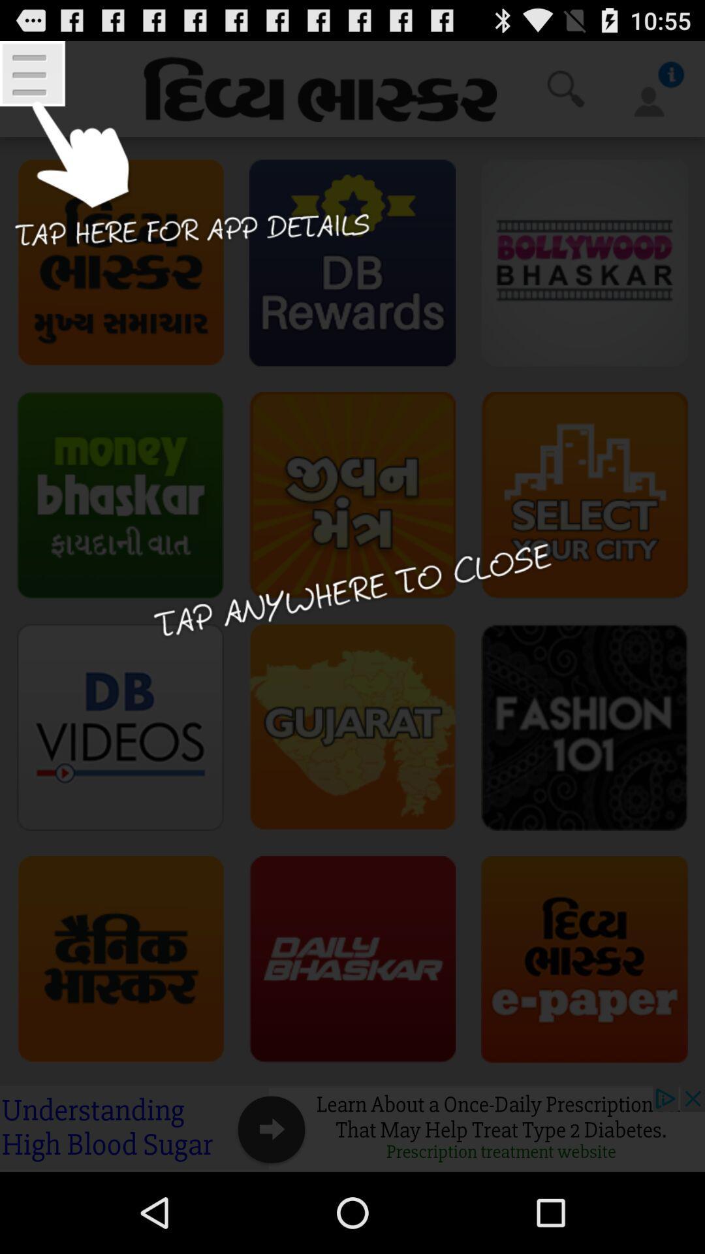 This screenshot has width=705, height=1254. What do you see at coordinates (187, 161) in the screenshot?
I see `open app details` at bounding box center [187, 161].